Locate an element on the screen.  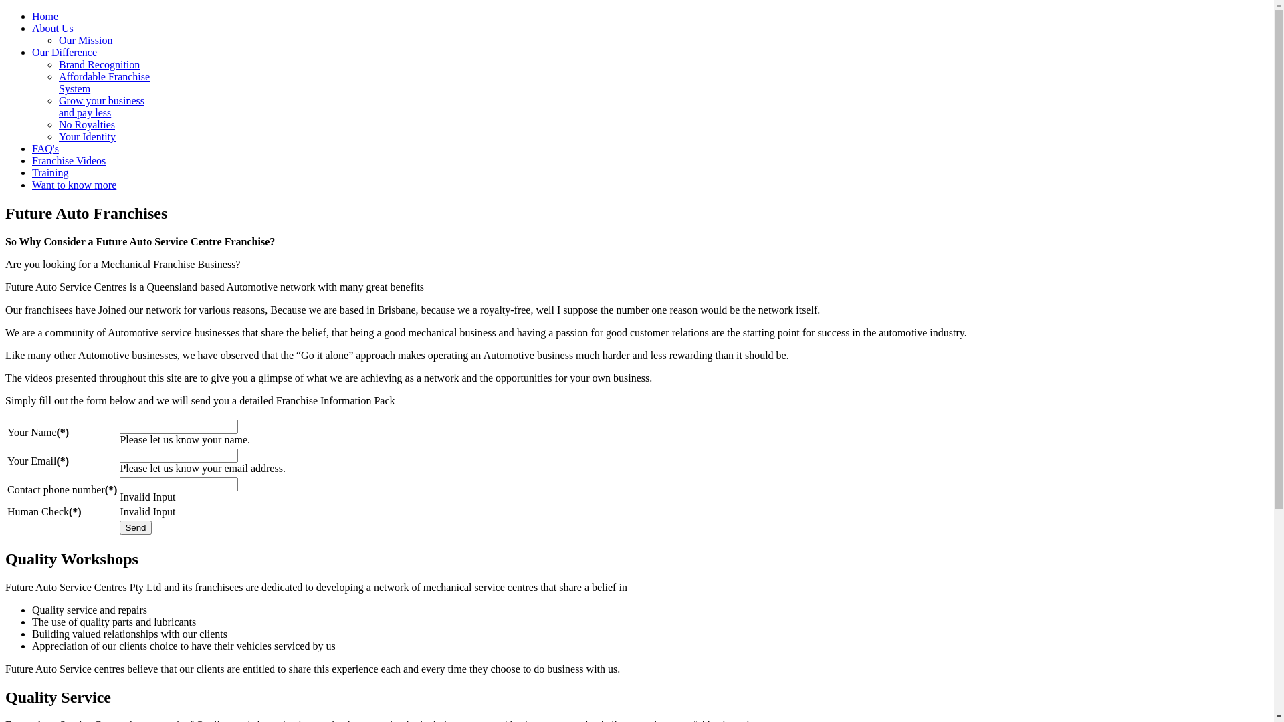
'Brand Recognition' is located at coordinates (98, 64).